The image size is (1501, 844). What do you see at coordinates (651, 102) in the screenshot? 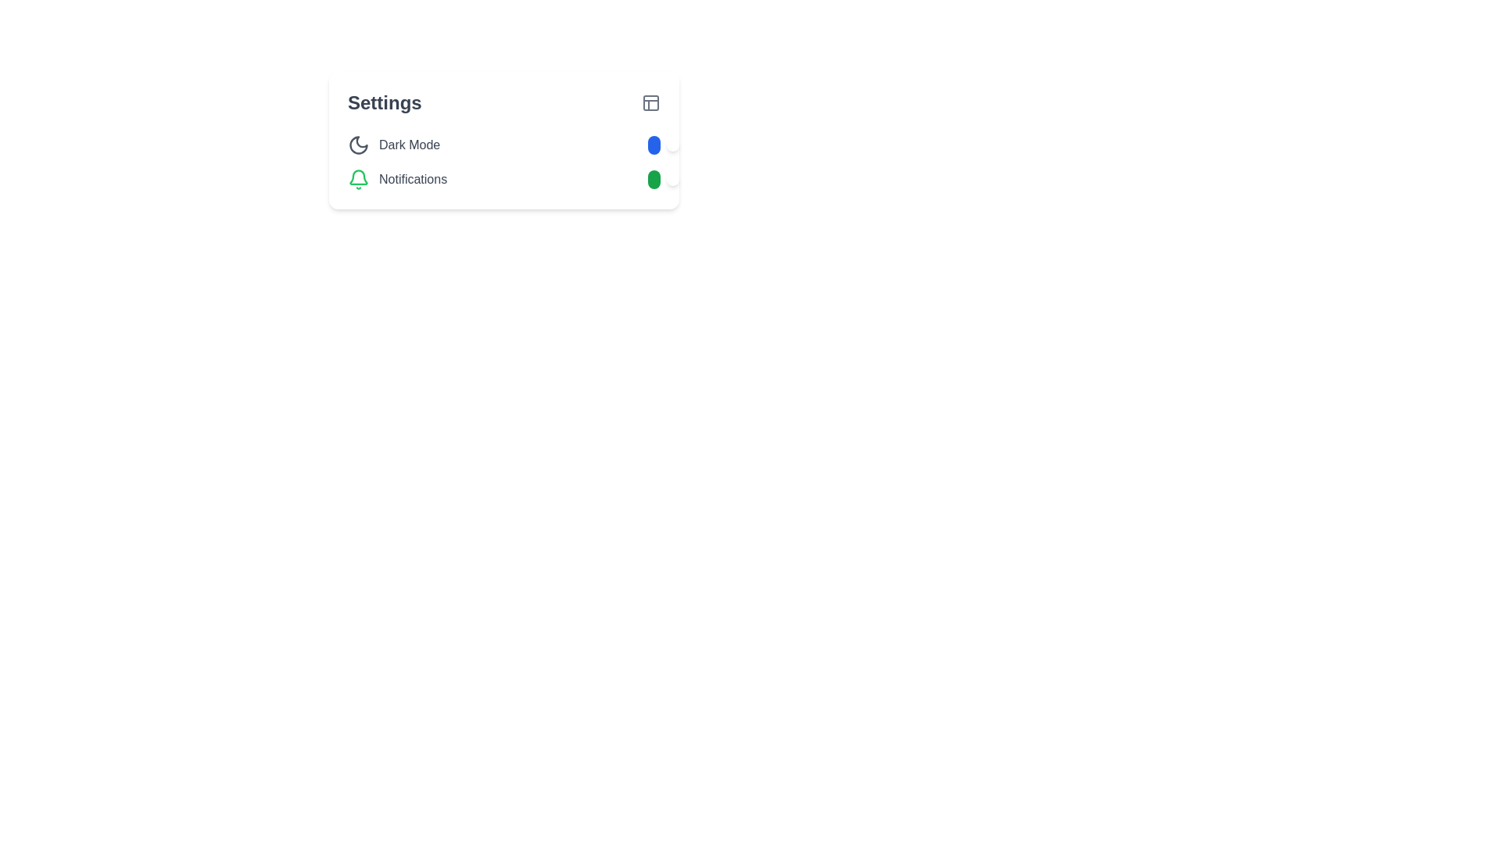
I see `the square-shaped UI component with rounded corners located in the top-left square section of the SVG graphic resembling a panel layout icon in the settings panel` at bounding box center [651, 102].